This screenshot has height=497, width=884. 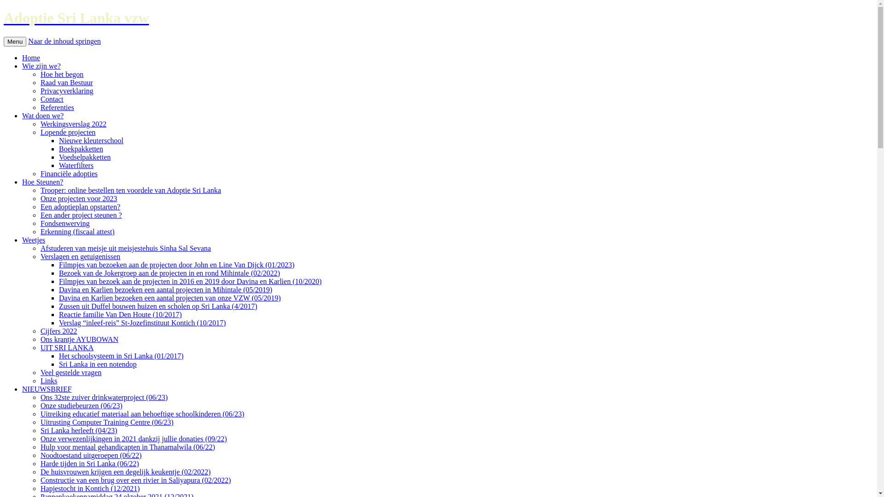 What do you see at coordinates (81, 148) in the screenshot?
I see `'Boekpakketten'` at bounding box center [81, 148].